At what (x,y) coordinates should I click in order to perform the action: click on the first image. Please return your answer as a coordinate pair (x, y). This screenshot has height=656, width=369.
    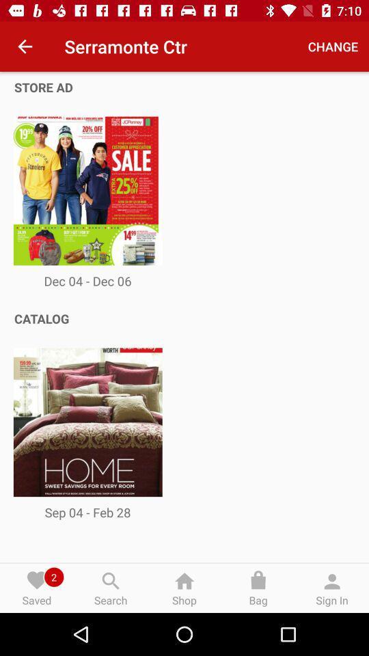
    Looking at the image, I should click on (88, 191).